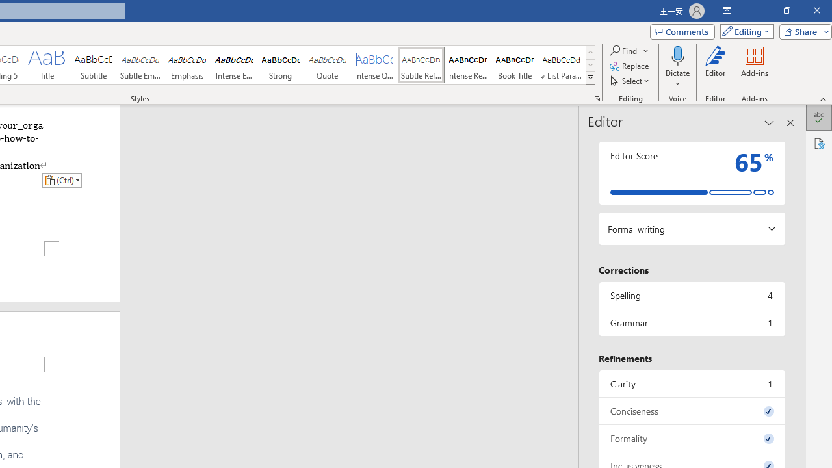 This screenshot has width=832, height=468. What do you see at coordinates (691, 438) in the screenshot?
I see `'Formality, 0 issues. Press space or enter to review items.'` at bounding box center [691, 438].